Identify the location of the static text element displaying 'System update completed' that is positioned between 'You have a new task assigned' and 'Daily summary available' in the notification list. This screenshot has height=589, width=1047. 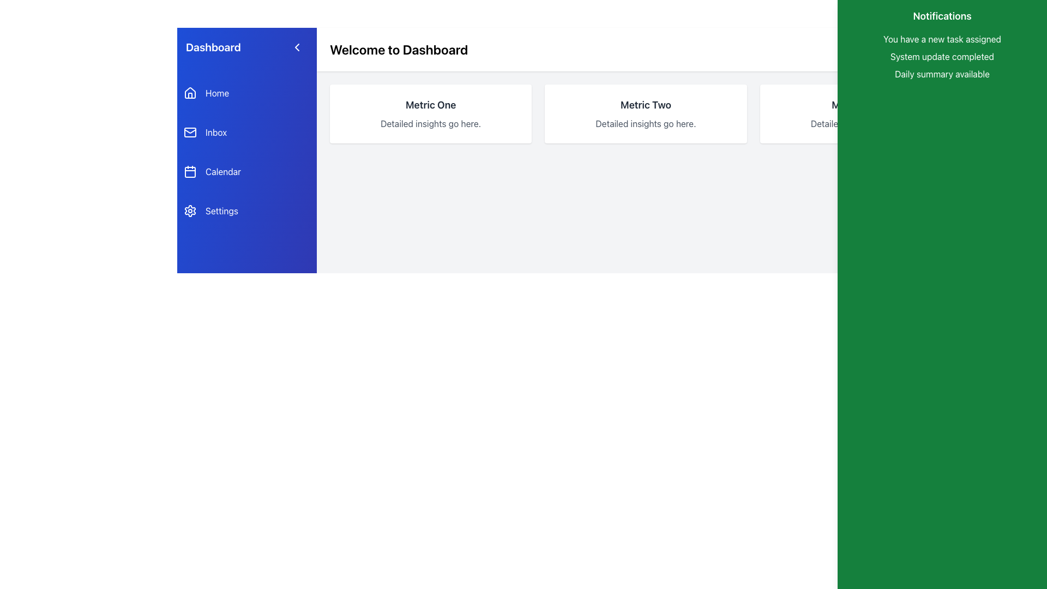
(942, 57).